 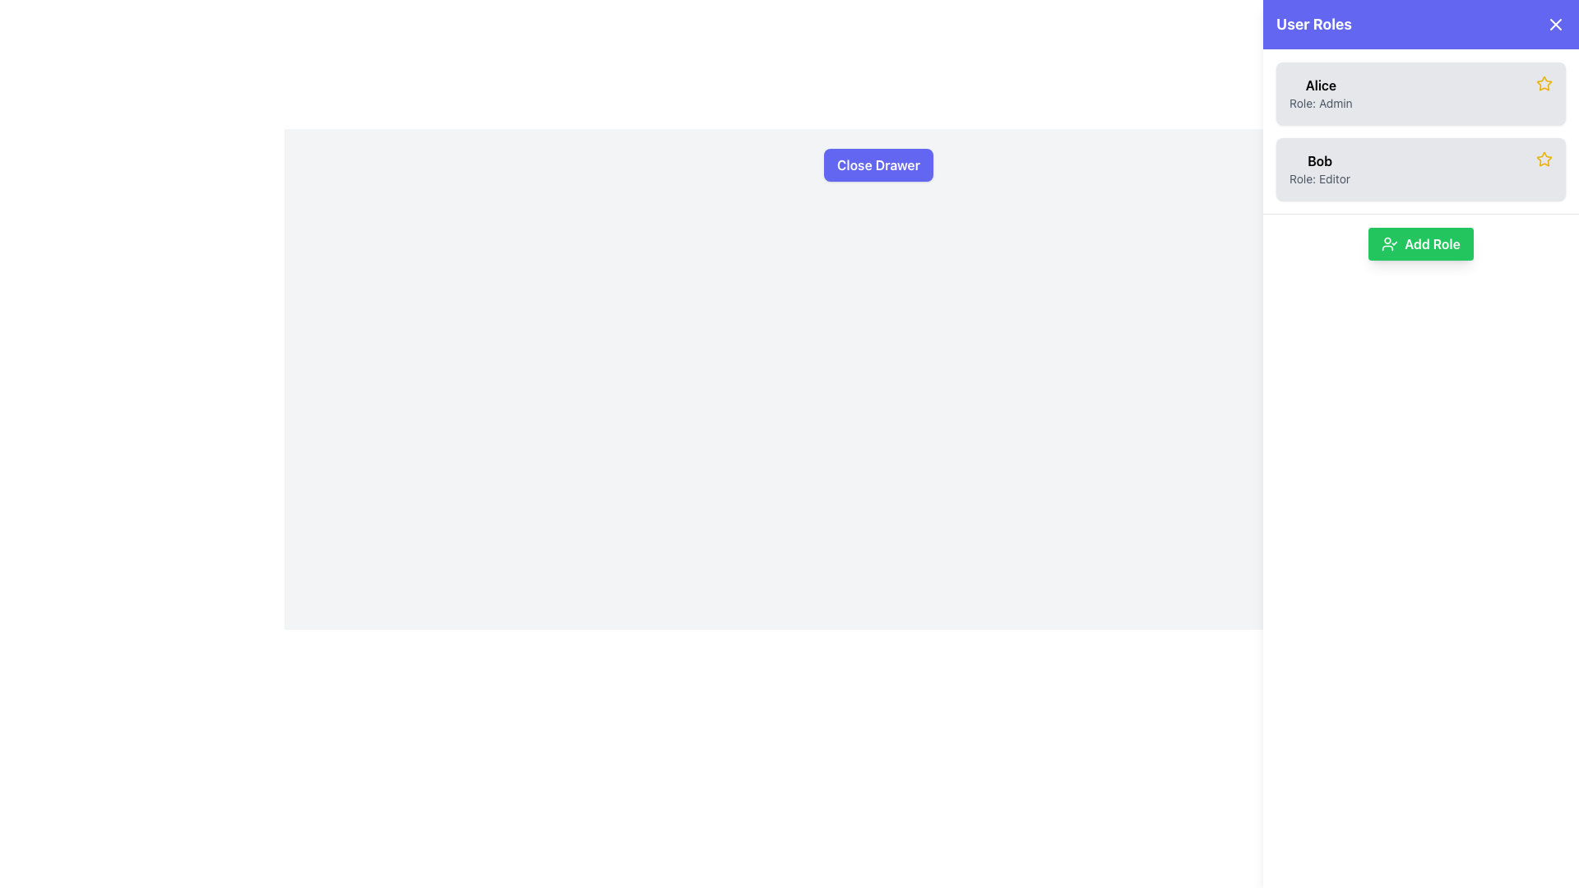 I want to click on information displayed in the Text label that shows the role assigned to the user 'Bob', located beneath the name 'Bob' in the 'User Roles' panel, so click(x=1319, y=179).